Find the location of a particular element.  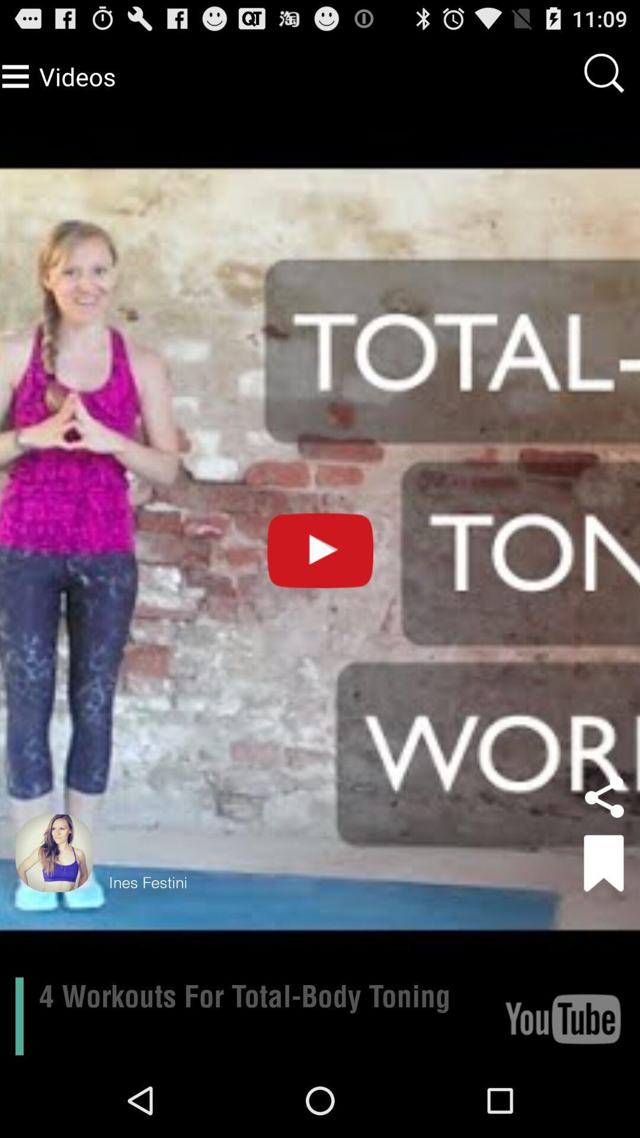

the avatar icon is located at coordinates (54, 912).